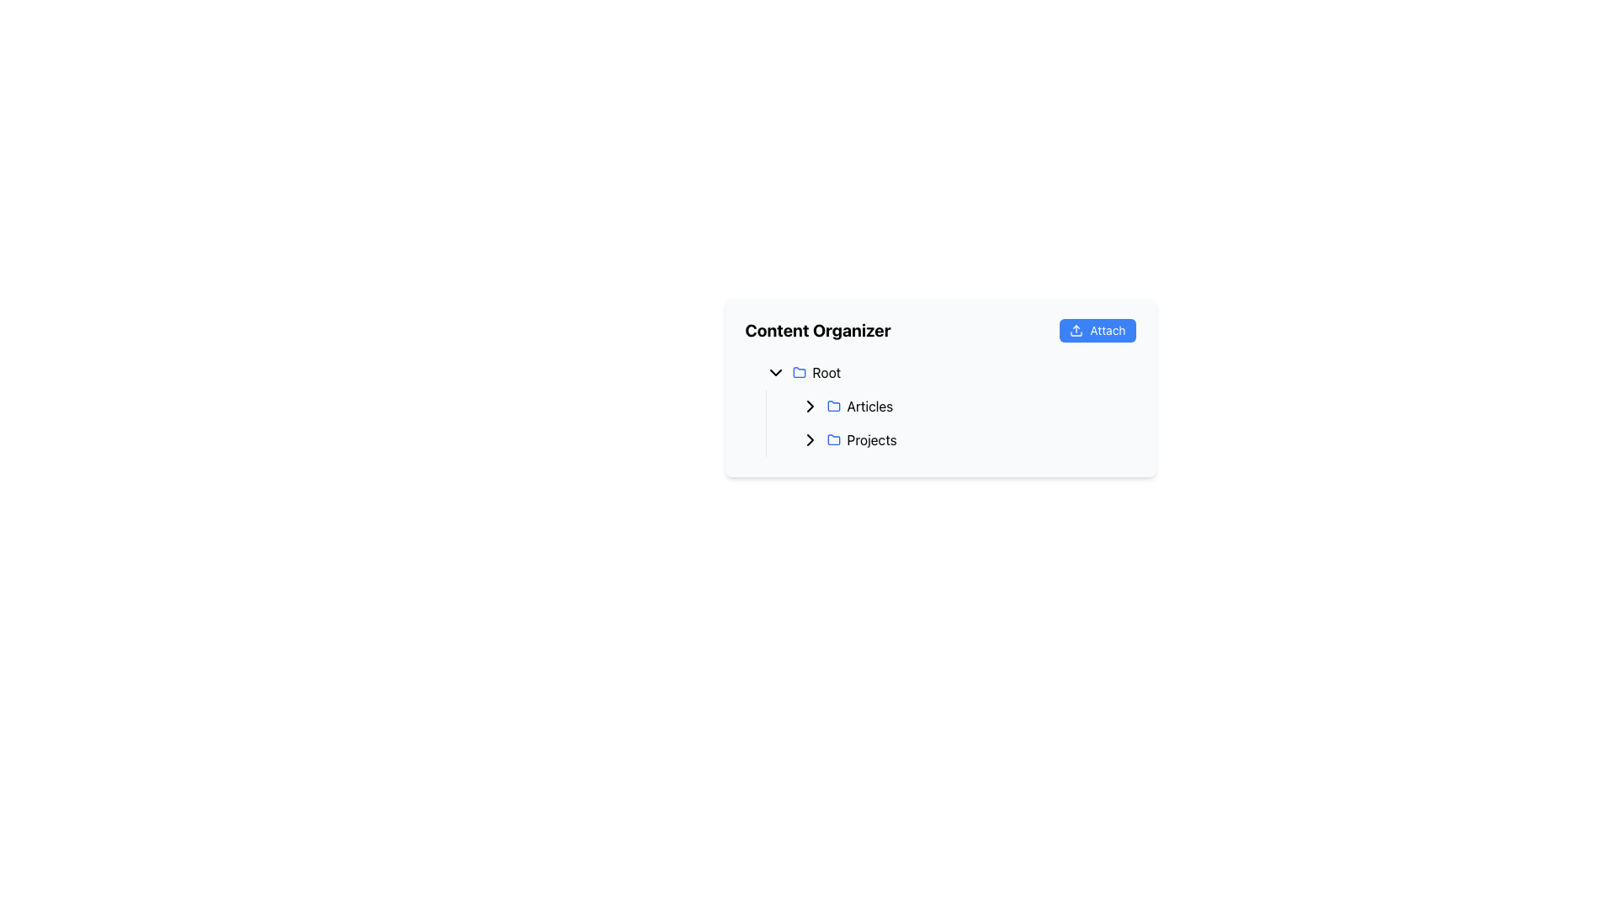 The image size is (1616, 909). I want to click on text label displaying 'Articles' located next to the blue folder icon in the navigation list, so click(869, 406).